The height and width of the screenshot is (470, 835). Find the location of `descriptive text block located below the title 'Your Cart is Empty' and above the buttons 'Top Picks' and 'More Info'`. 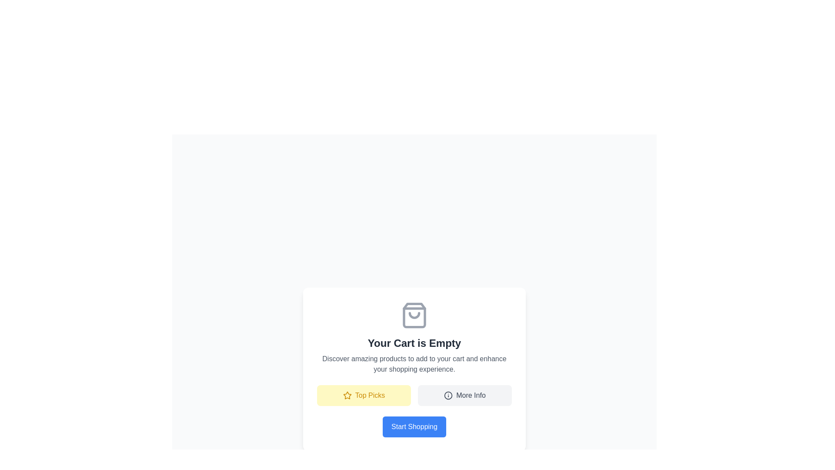

descriptive text block located below the title 'Your Cart is Empty' and above the buttons 'Top Picks' and 'More Info' is located at coordinates (414, 364).